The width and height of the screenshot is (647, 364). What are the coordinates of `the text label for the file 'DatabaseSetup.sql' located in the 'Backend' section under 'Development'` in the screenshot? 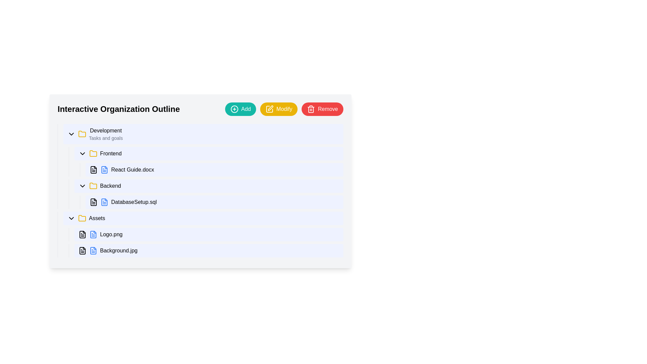 It's located at (134, 202).